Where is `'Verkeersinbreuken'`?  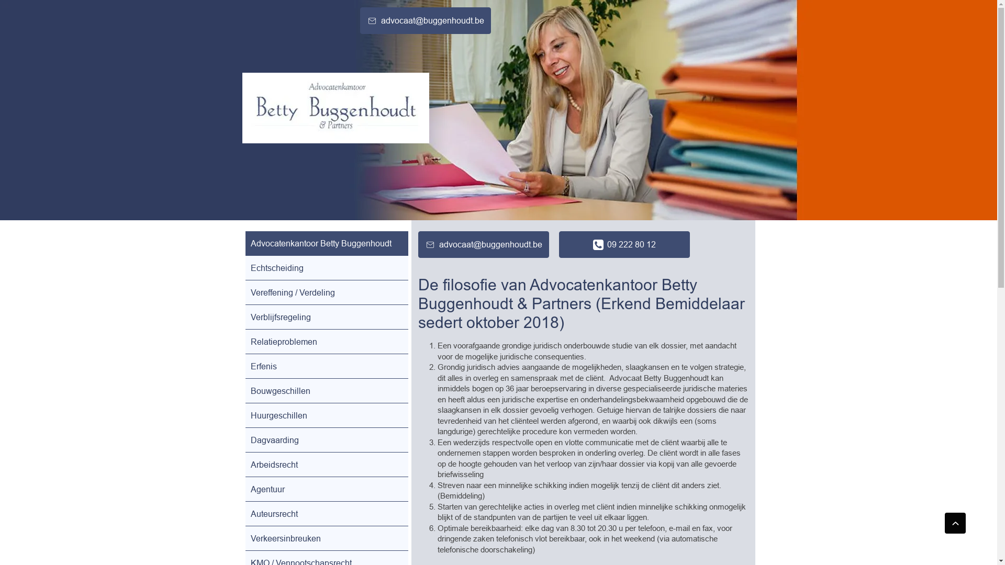 'Verkeersinbreuken' is located at coordinates (326, 538).